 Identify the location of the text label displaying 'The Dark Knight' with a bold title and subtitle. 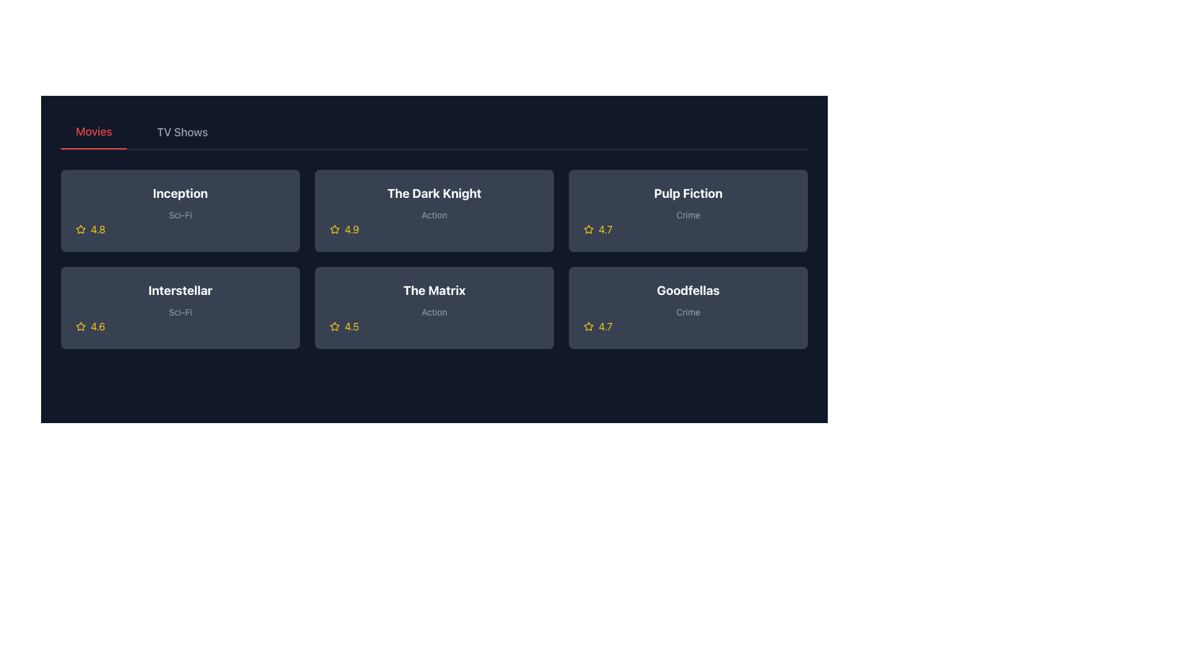
(434, 203).